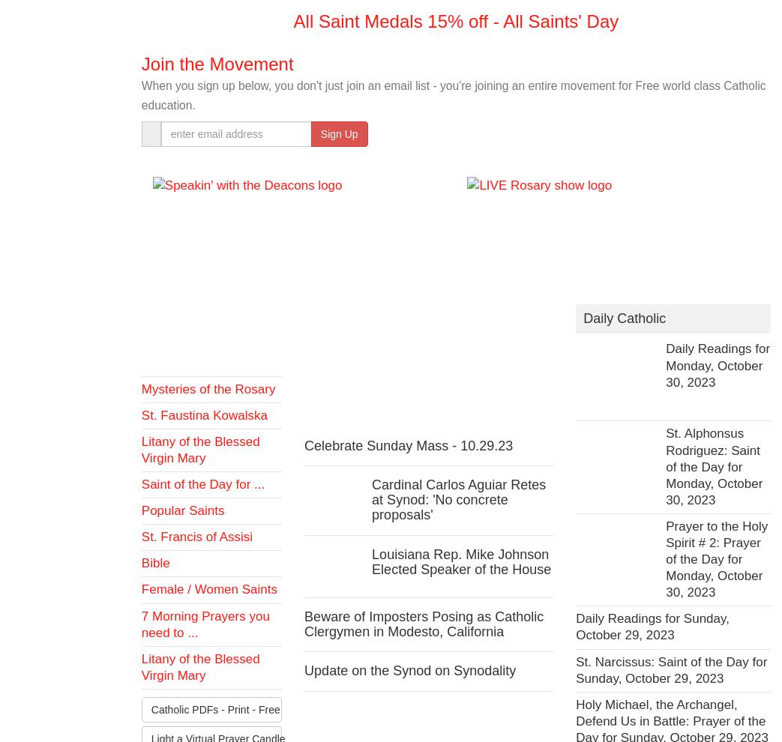 Image resolution: width=782 pixels, height=742 pixels. What do you see at coordinates (139, 63) in the screenshot?
I see `'Join the Movement'` at bounding box center [139, 63].